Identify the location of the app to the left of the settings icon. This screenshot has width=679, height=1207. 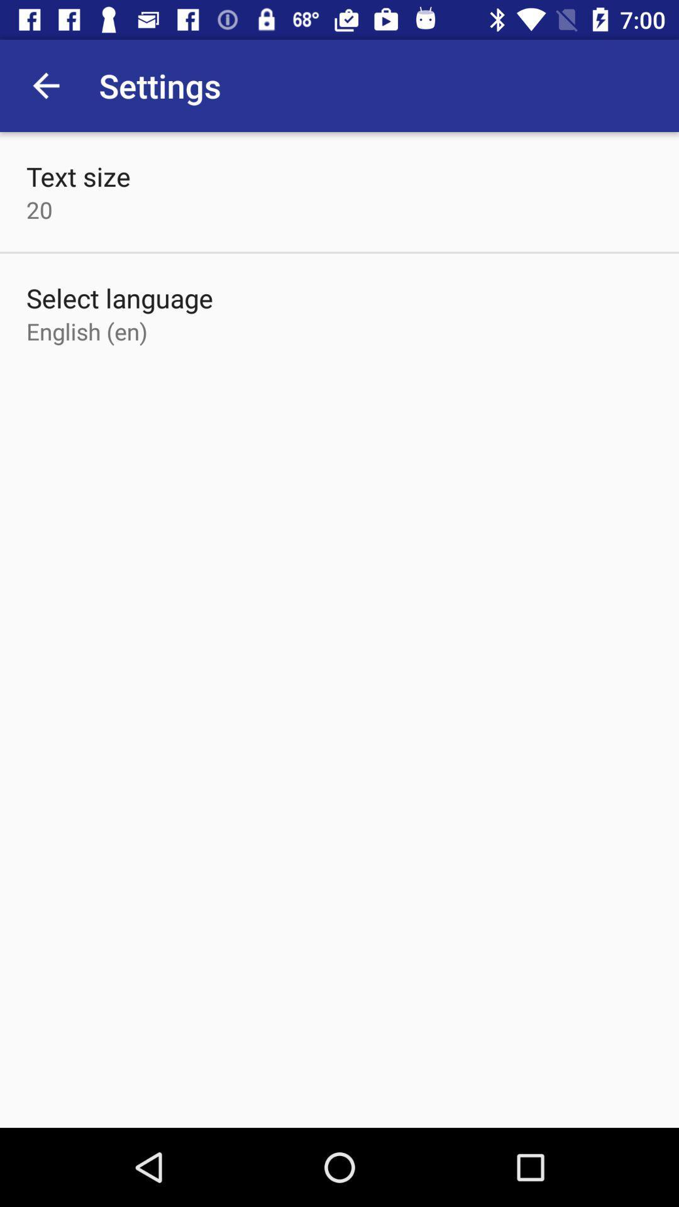
(45, 85).